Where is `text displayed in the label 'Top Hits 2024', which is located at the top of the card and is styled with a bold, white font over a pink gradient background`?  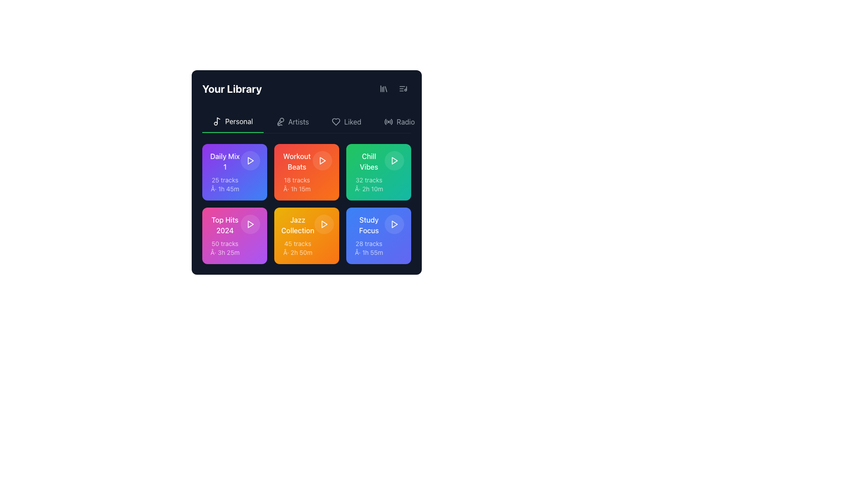
text displayed in the label 'Top Hits 2024', which is located at the top of the card and is styled with a bold, white font over a pink gradient background is located at coordinates (225, 224).